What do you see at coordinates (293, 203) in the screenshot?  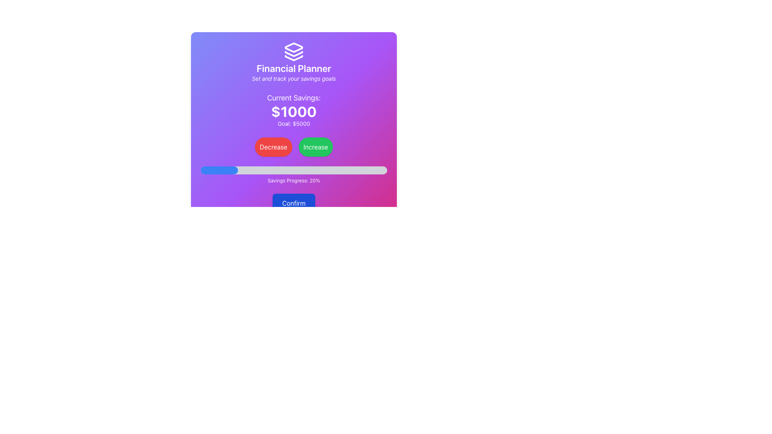 I see `the 'Confirm' button with a blue background and rounded rectangular shape` at bounding box center [293, 203].